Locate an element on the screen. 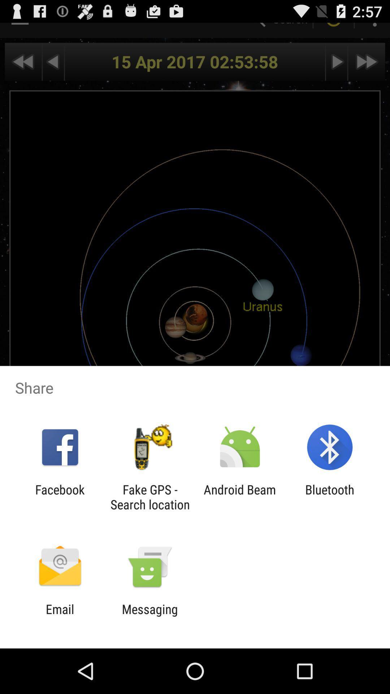  the icon next to the fake gps search is located at coordinates (240, 497).